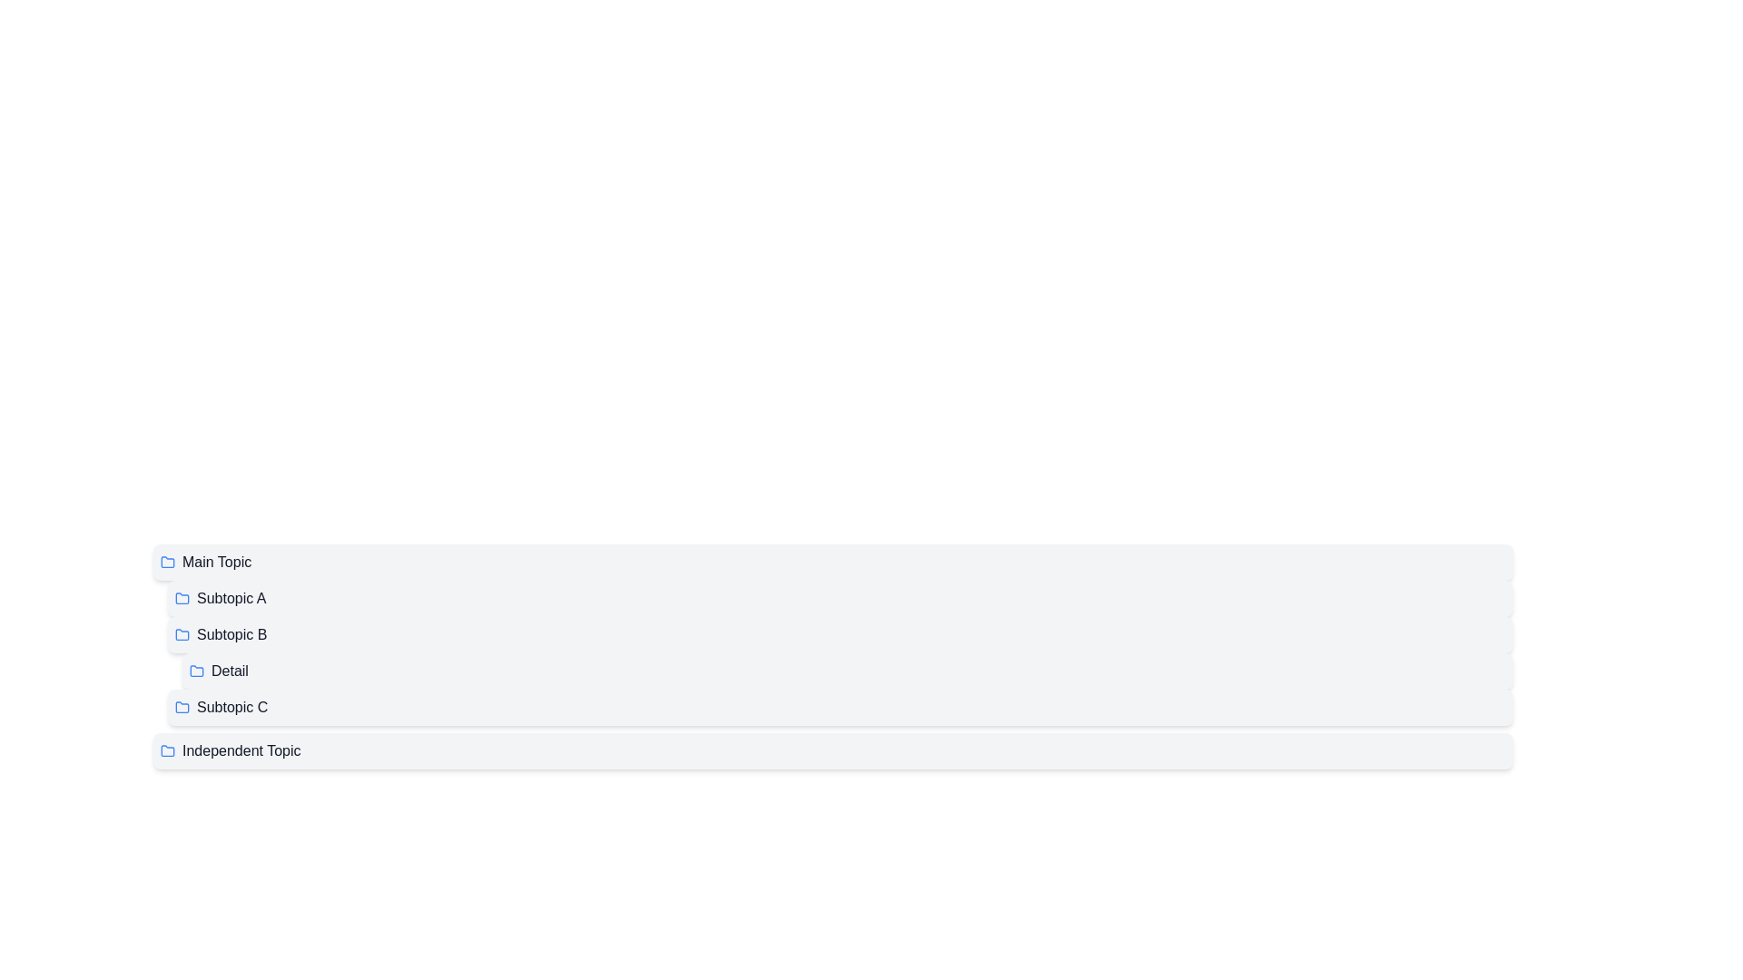  What do you see at coordinates (168, 751) in the screenshot?
I see `the icon representing the 'Independent Topic' located at the beginning of its row` at bounding box center [168, 751].